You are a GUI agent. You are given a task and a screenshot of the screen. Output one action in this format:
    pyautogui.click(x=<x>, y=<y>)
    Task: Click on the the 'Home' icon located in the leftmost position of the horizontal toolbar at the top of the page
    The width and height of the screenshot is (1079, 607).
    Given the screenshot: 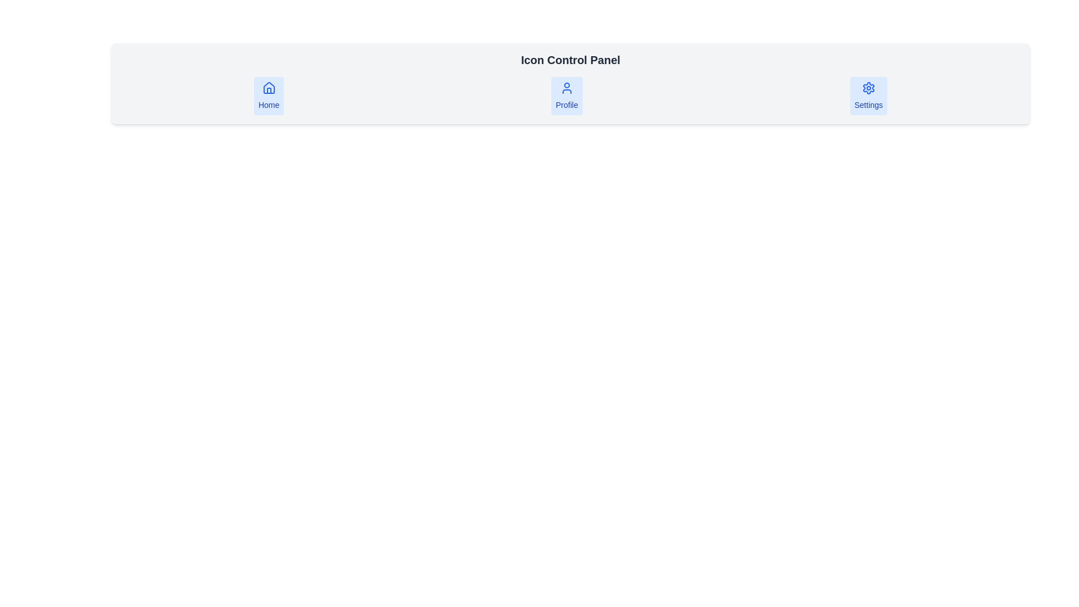 What is the action you would take?
    pyautogui.click(x=268, y=87)
    